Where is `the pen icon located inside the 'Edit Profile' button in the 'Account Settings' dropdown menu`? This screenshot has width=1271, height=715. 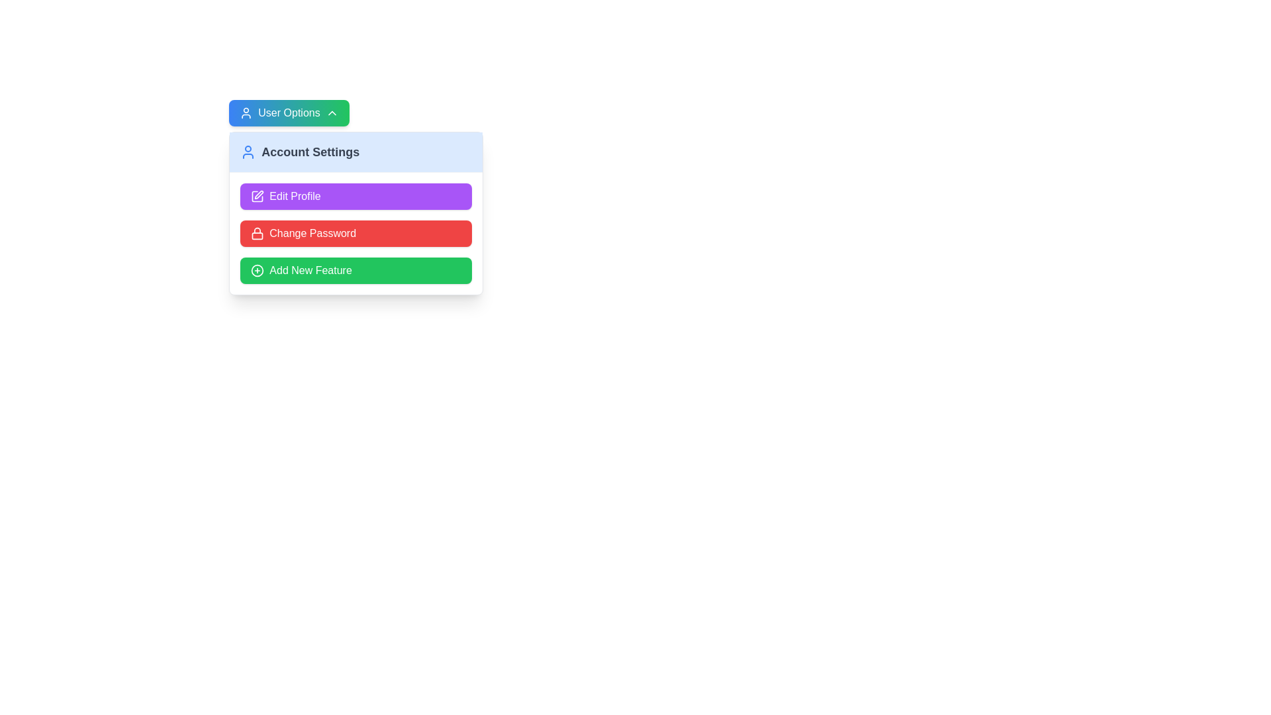
the pen icon located inside the 'Edit Profile' button in the 'Account Settings' dropdown menu is located at coordinates (259, 195).